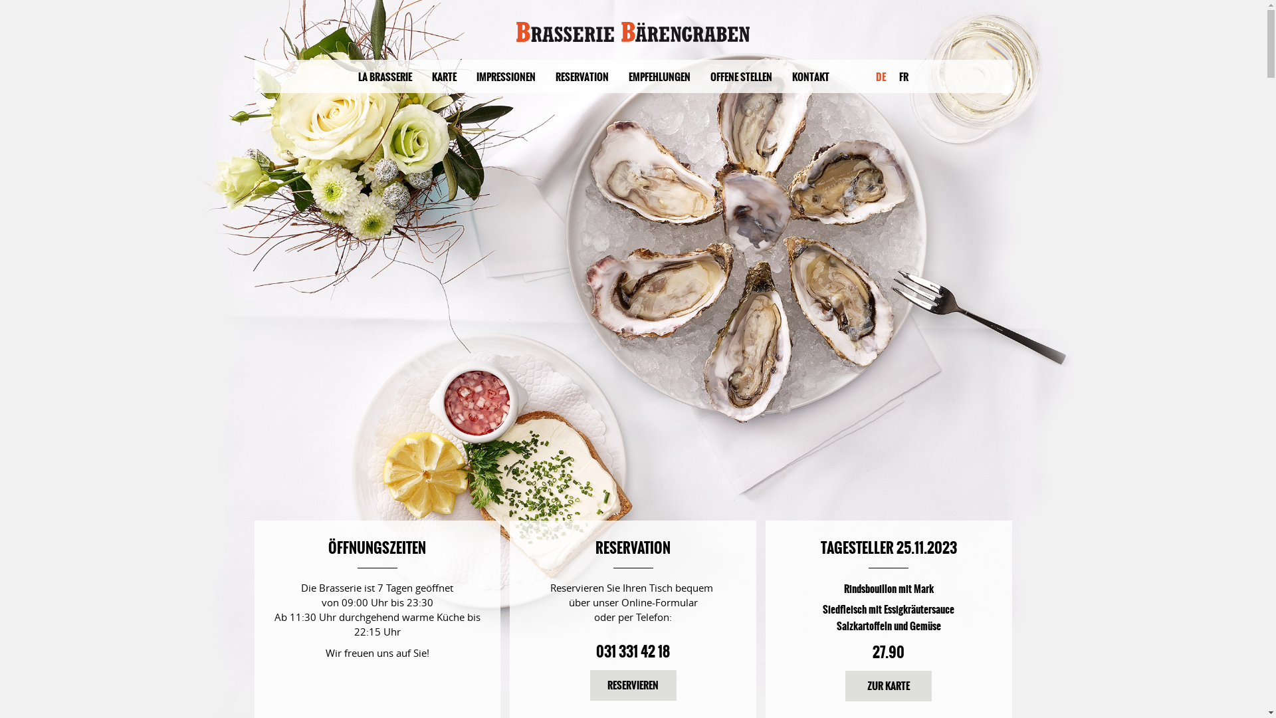  What do you see at coordinates (889, 686) in the screenshot?
I see `'ZUR KARTE'` at bounding box center [889, 686].